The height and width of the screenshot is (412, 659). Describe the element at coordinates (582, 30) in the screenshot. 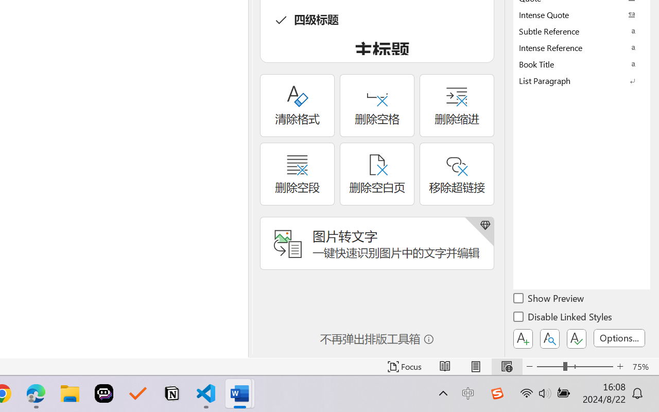

I see `'Subtle Reference'` at that location.